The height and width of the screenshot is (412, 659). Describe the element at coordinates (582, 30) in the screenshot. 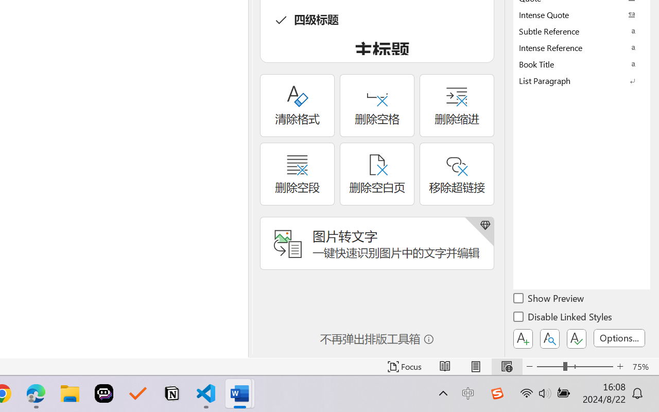

I see `'Subtle Reference'` at that location.